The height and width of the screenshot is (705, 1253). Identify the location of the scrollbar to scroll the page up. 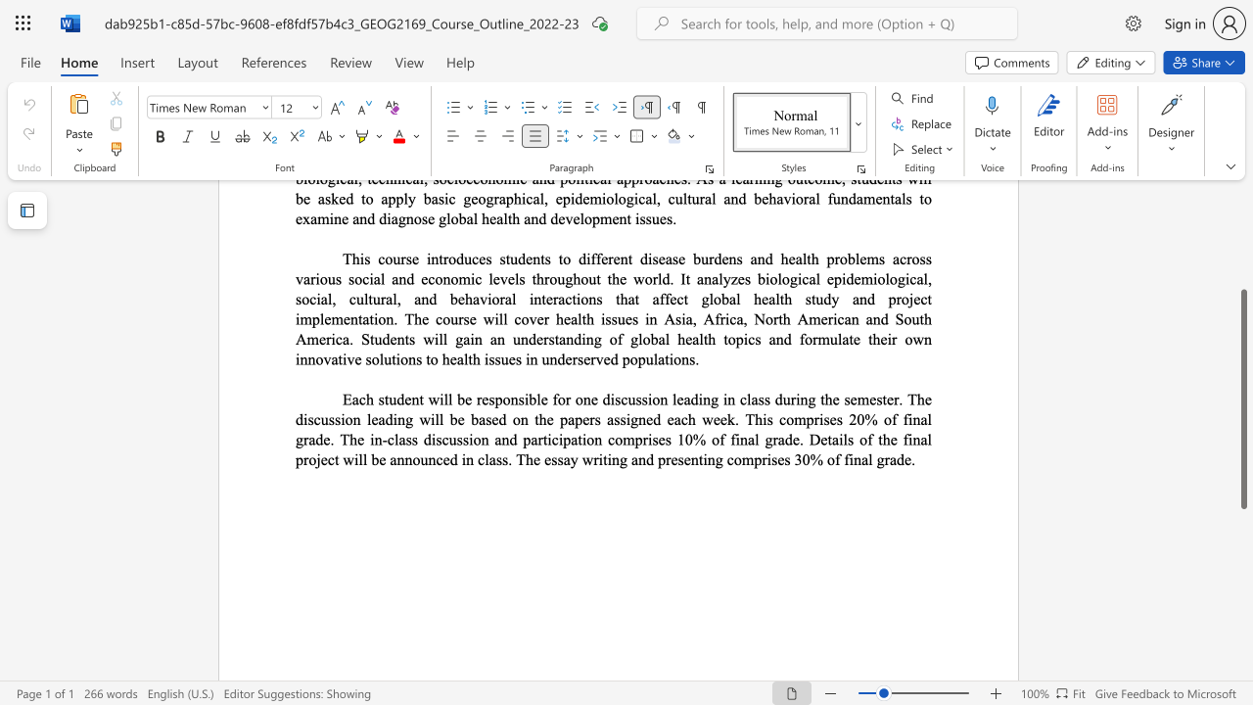
(1242, 253).